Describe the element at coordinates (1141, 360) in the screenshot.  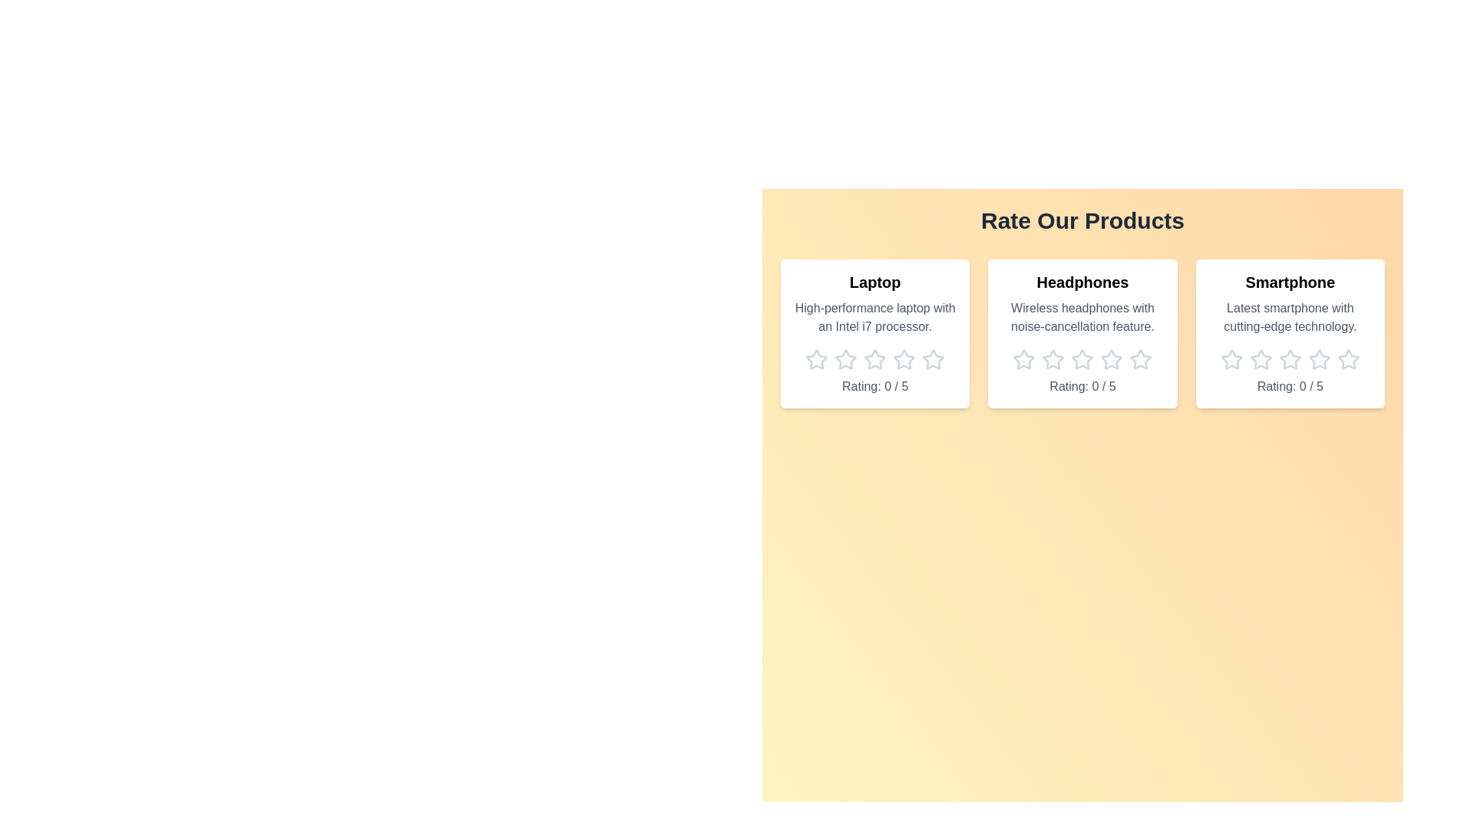
I see `the star icon corresponding to 5 stars for the product Headphones` at that location.